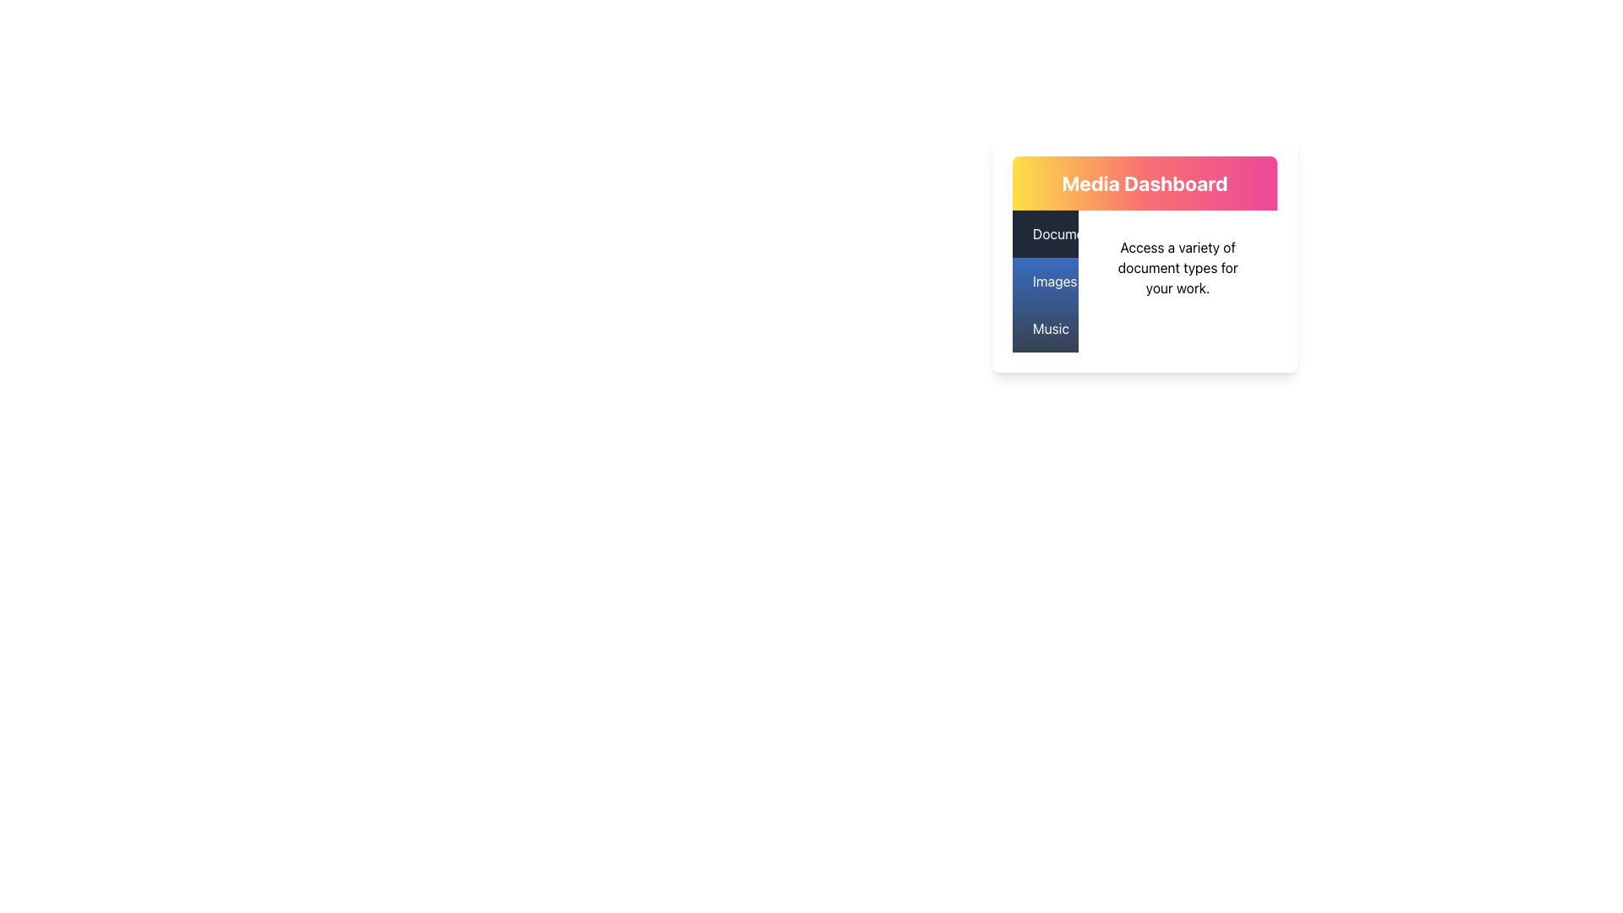  I want to click on the navigation menu item labeled 'Images', which features an icon of a square with a circular and line element, so click(1045, 280).